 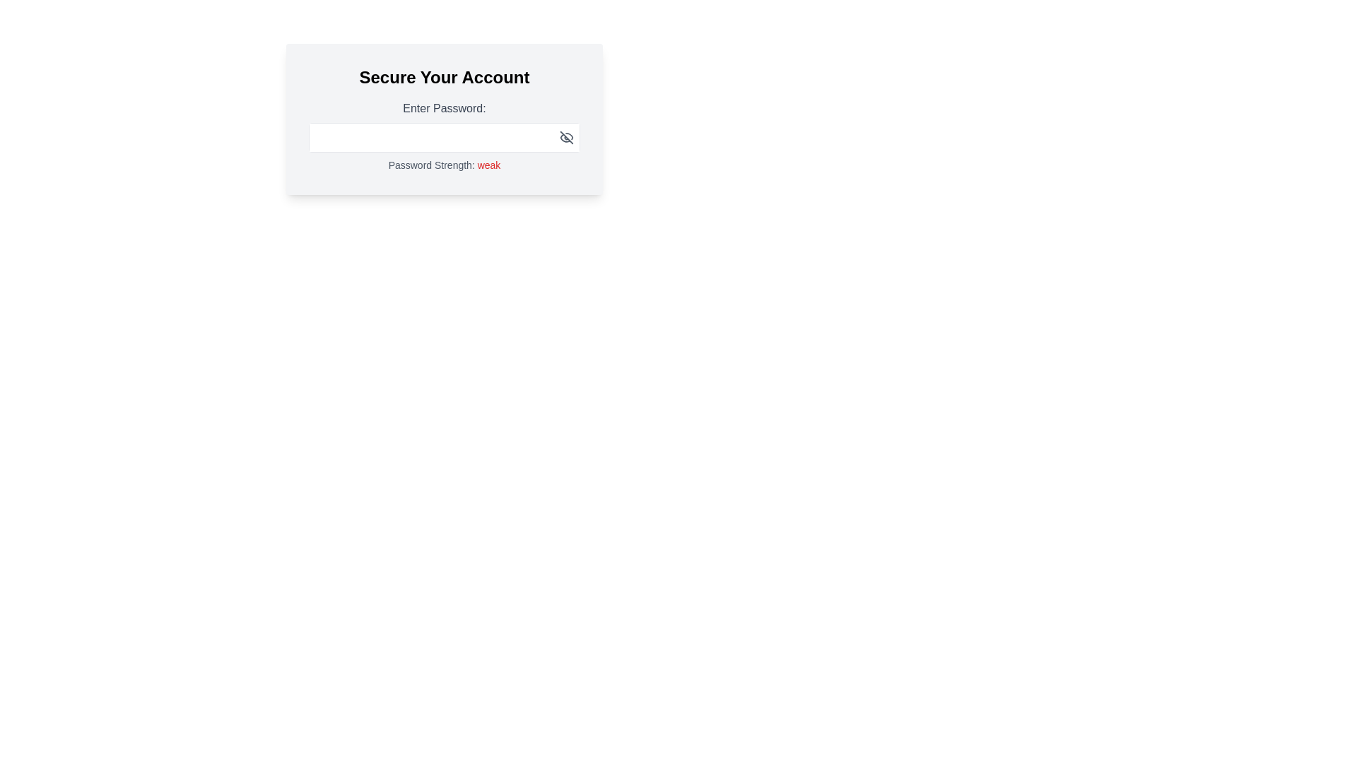 What do you see at coordinates (566, 138) in the screenshot?
I see `the toggle icon at the right end of the password input field labeled 'Secure Your Account'` at bounding box center [566, 138].